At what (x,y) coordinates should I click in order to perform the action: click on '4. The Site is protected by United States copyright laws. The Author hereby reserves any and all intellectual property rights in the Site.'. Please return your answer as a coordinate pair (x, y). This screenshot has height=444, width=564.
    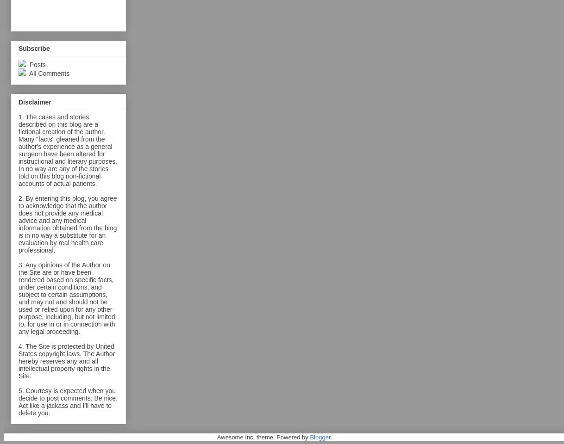
    Looking at the image, I should click on (66, 360).